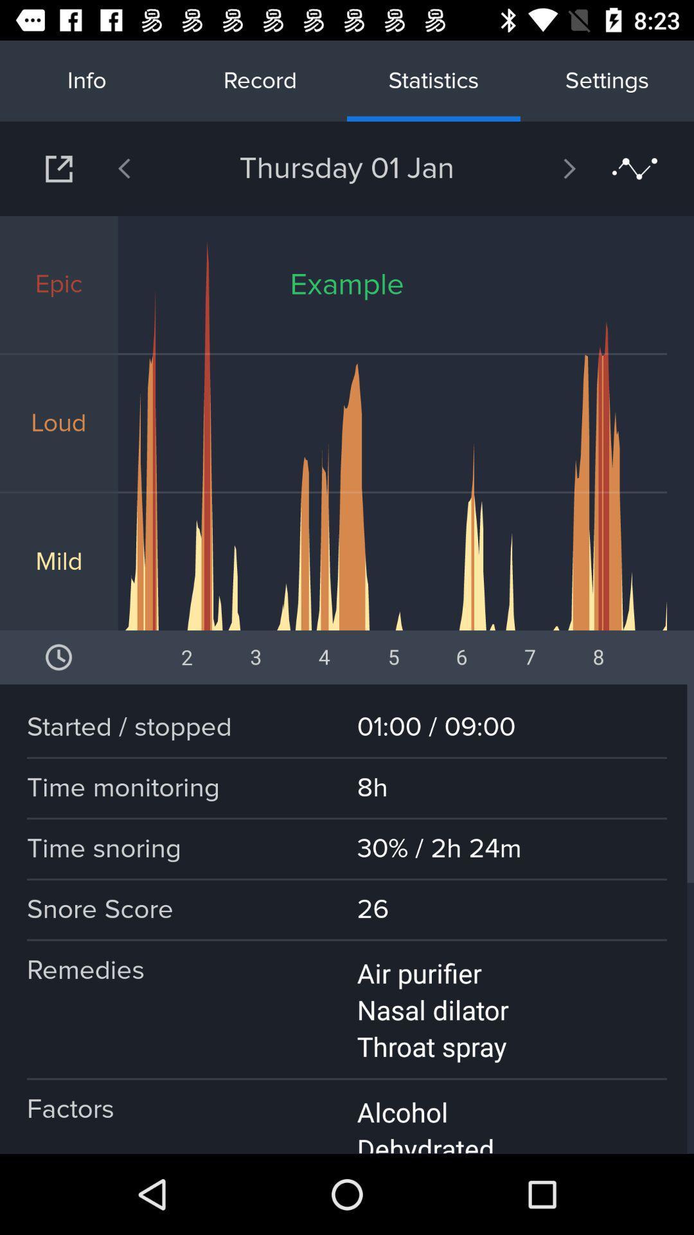 The width and height of the screenshot is (694, 1235). What do you see at coordinates (347, 168) in the screenshot?
I see `the thursday 01 jan app` at bounding box center [347, 168].